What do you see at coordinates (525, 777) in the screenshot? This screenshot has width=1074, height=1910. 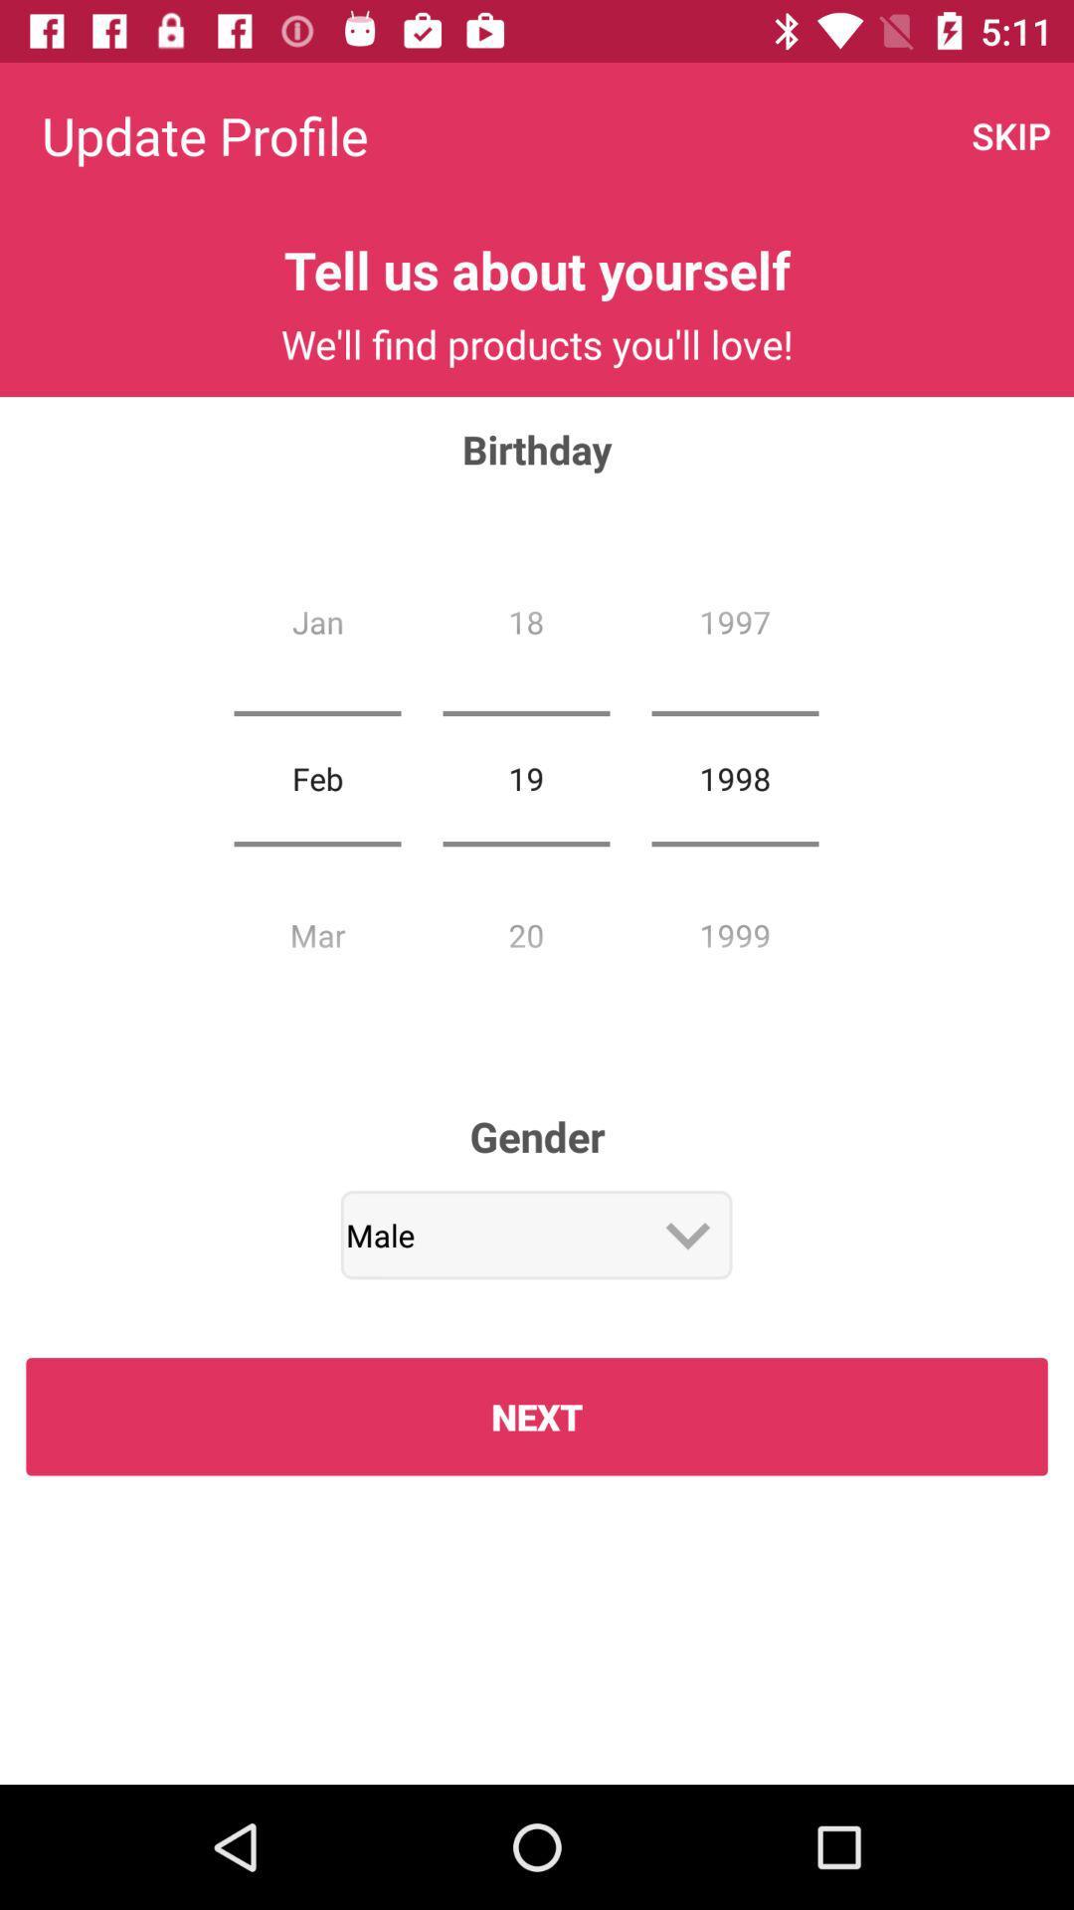 I see `the 19` at bounding box center [525, 777].